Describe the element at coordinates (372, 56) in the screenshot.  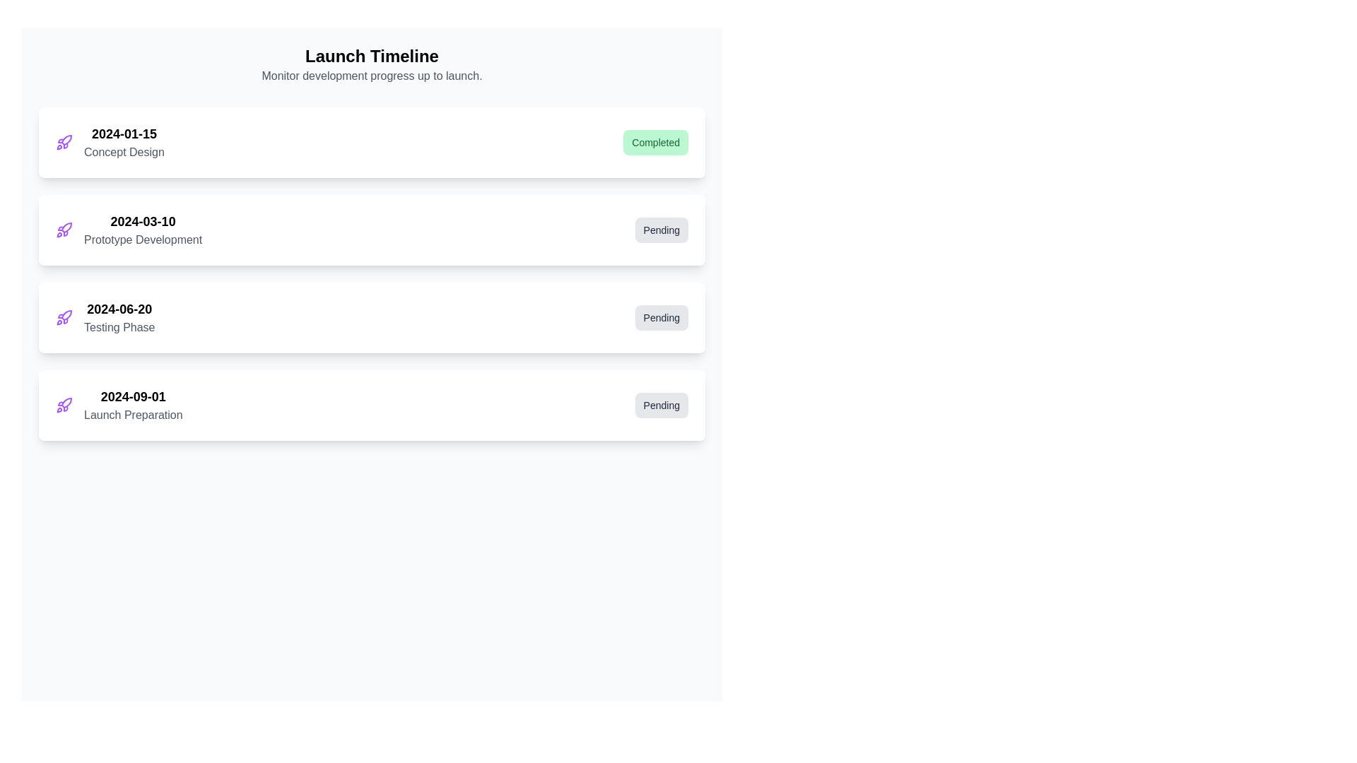
I see `the non-interactive Text Label that serves as a section header for 'Launch Timeline'` at that location.